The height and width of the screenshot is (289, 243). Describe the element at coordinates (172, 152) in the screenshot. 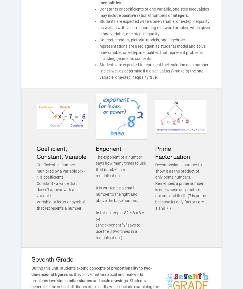

I see `'Prime Factorization'` at that location.